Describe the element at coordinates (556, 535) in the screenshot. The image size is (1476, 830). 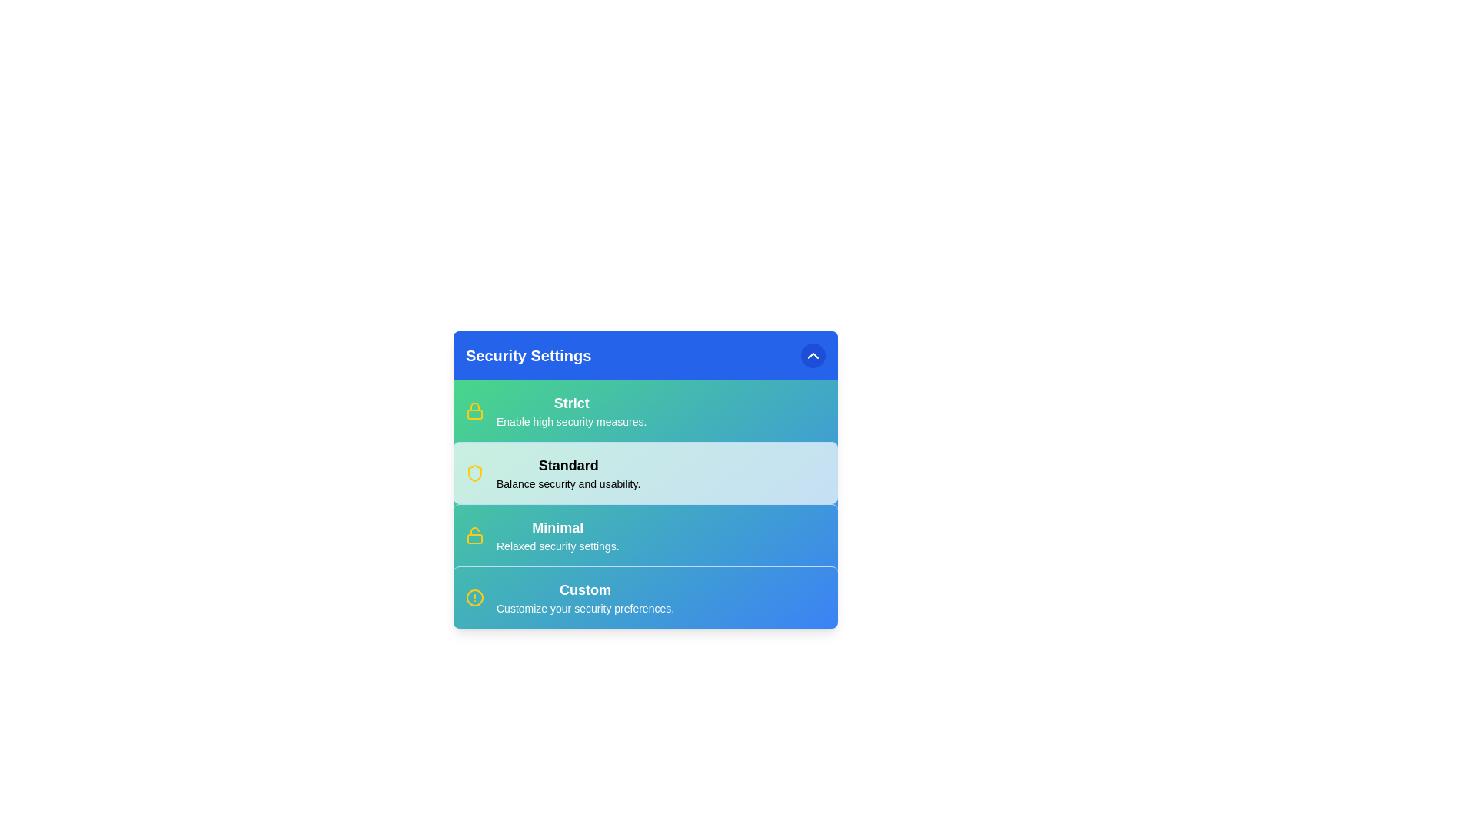
I see `the security option Minimal from the menu` at that location.